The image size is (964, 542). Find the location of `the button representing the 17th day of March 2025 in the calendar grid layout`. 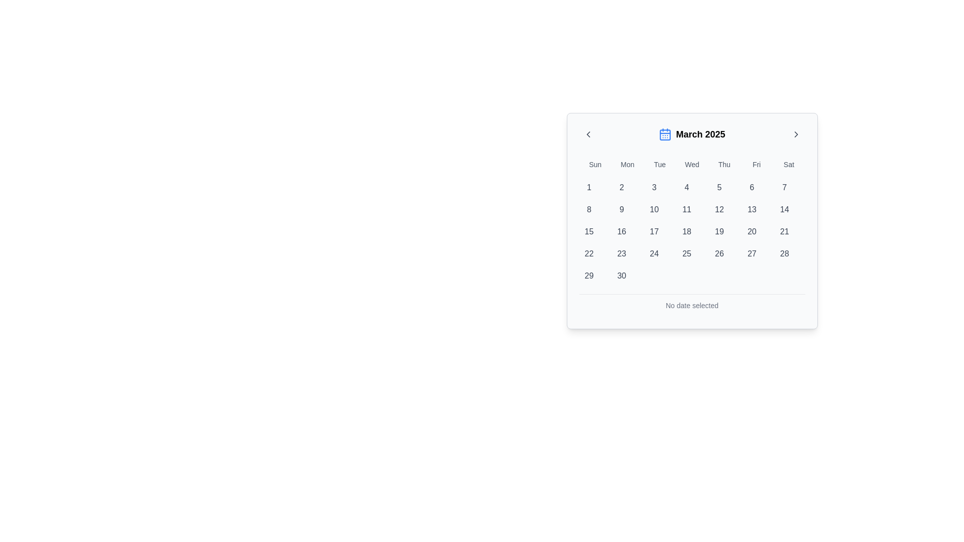

the button representing the 17th day of March 2025 in the calendar grid layout is located at coordinates (654, 232).